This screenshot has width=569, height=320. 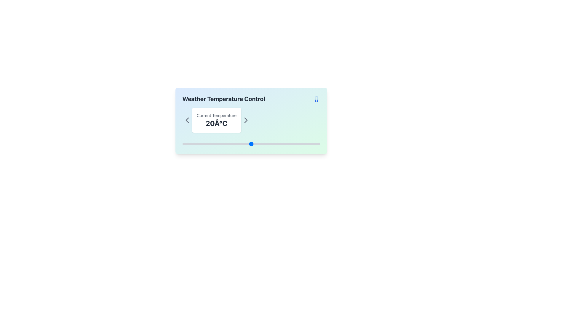 I want to click on temperature, so click(x=268, y=144).